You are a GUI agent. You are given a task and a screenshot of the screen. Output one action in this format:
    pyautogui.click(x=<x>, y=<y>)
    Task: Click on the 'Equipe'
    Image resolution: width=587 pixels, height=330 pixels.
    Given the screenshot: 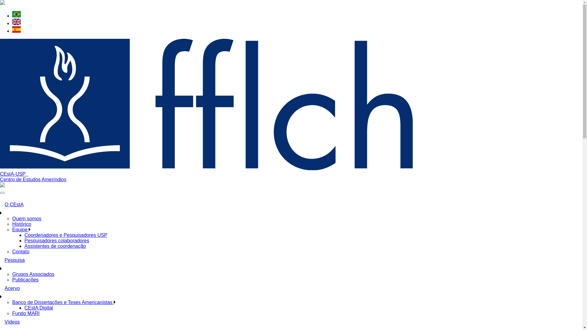 What is the action you would take?
    pyautogui.click(x=20, y=229)
    